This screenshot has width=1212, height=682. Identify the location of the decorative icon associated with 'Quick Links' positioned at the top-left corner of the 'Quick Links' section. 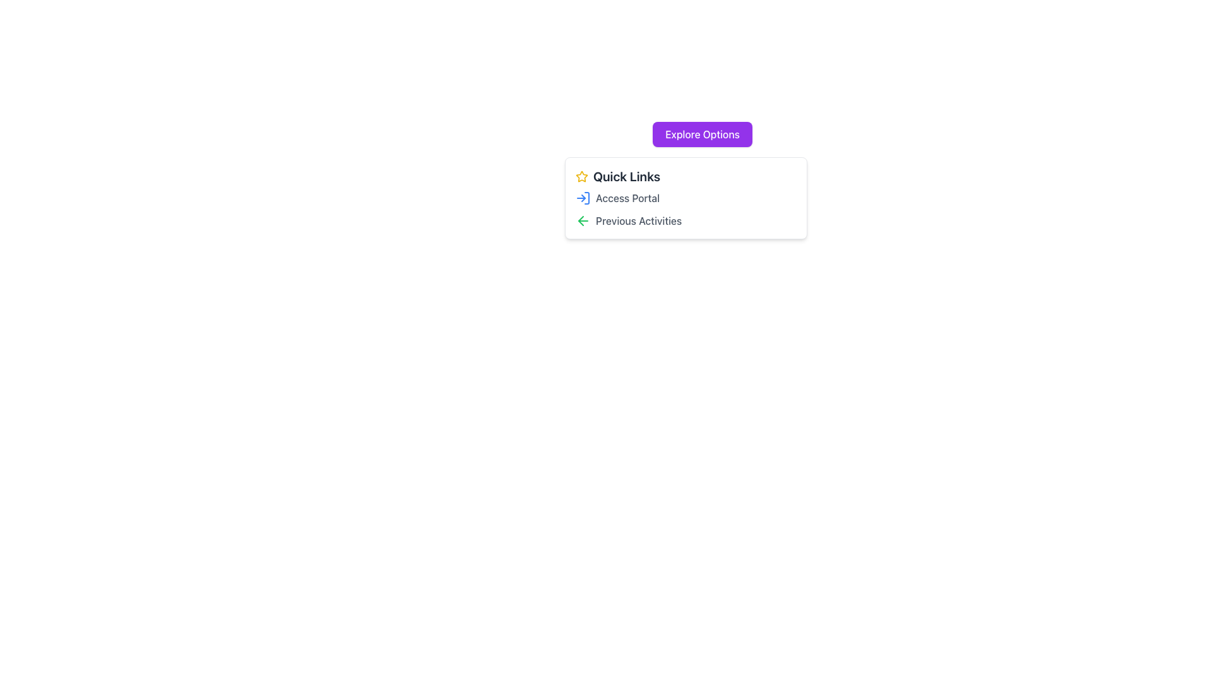
(581, 177).